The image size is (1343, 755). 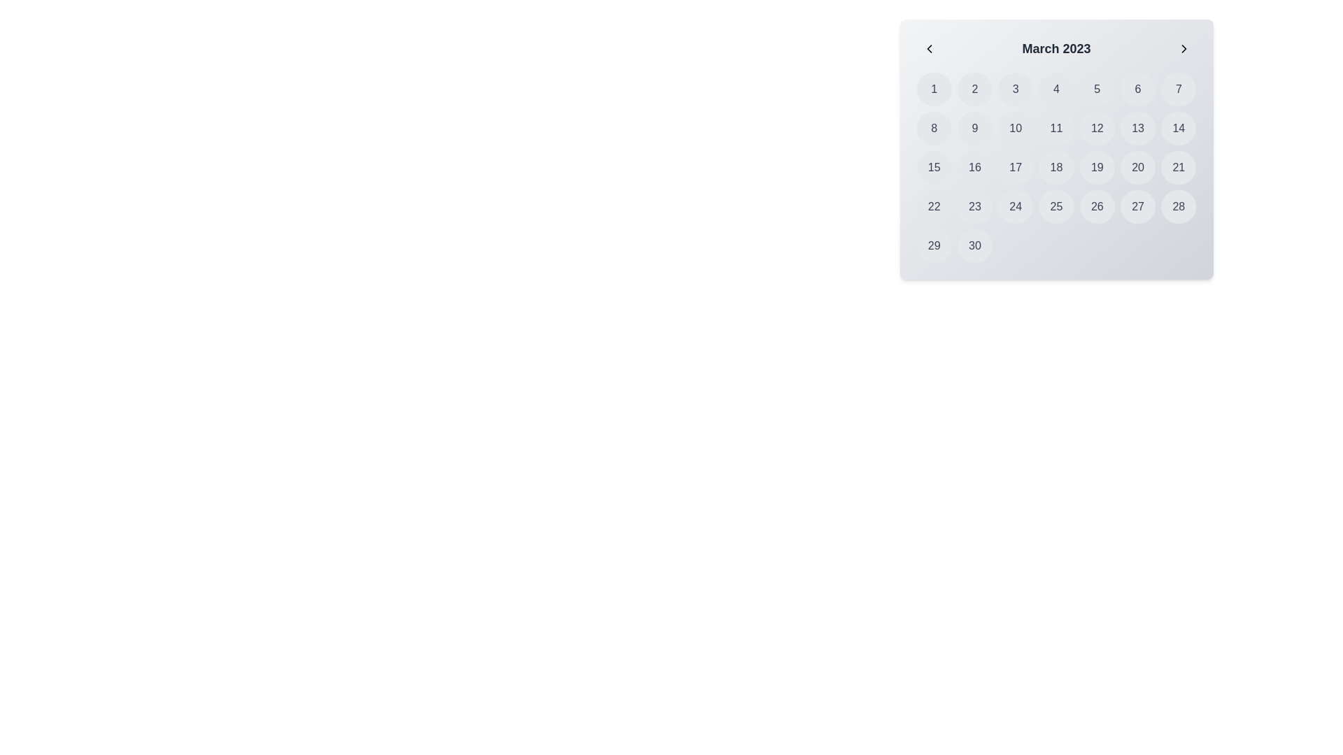 What do you see at coordinates (1178, 207) in the screenshot?
I see `the selectable day cell labeled '28' in the calendar grid` at bounding box center [1178, 207].